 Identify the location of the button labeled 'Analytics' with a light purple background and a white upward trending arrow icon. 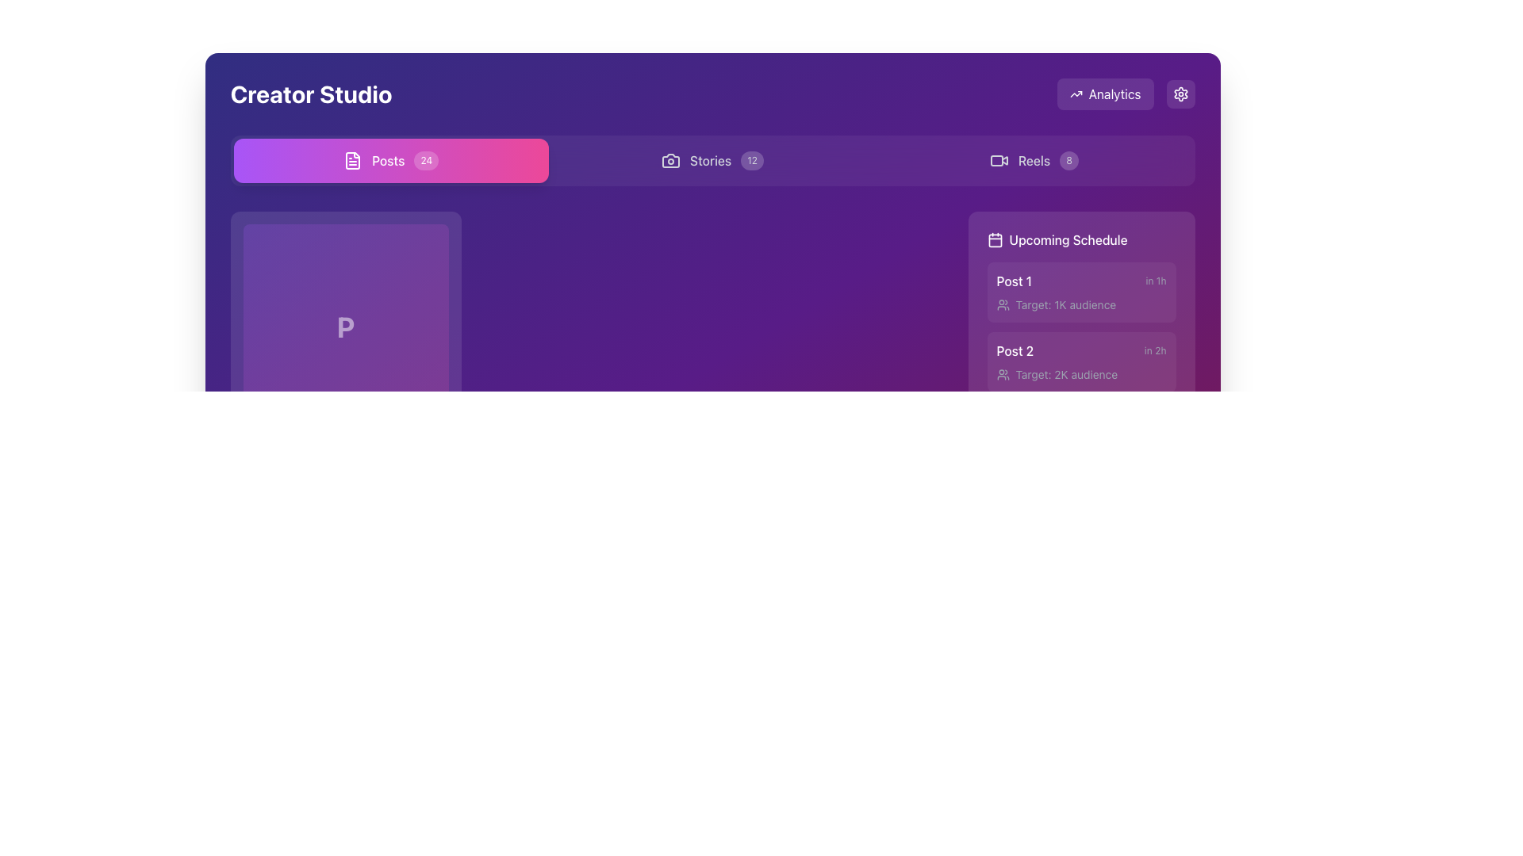
(1104, 94).